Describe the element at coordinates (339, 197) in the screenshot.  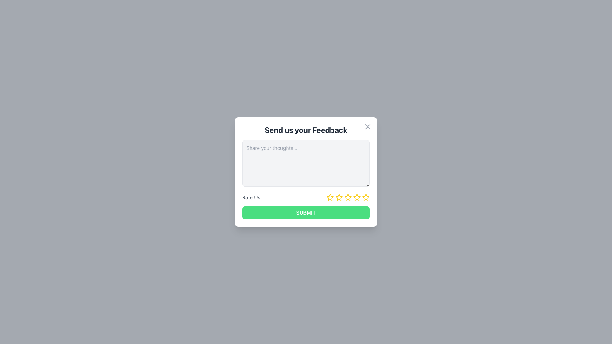
I see `the third star icon from the left` at that location.